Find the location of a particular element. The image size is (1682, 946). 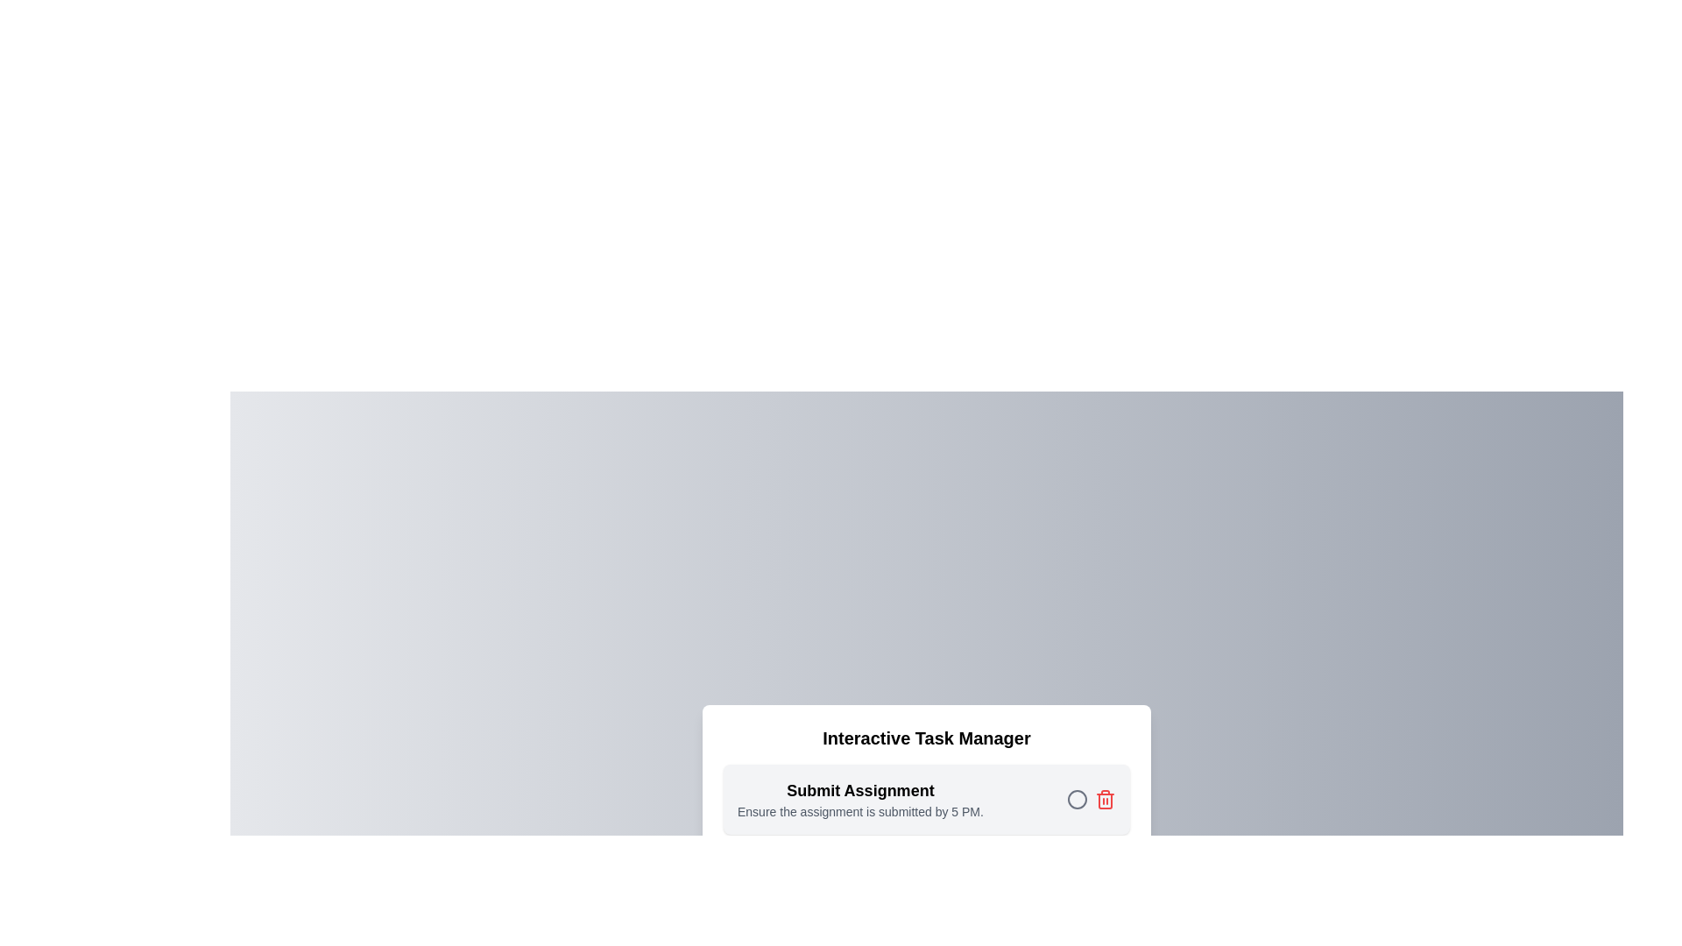

the description of the task 'Submit Assignment' is located at coordinates (737, 803).